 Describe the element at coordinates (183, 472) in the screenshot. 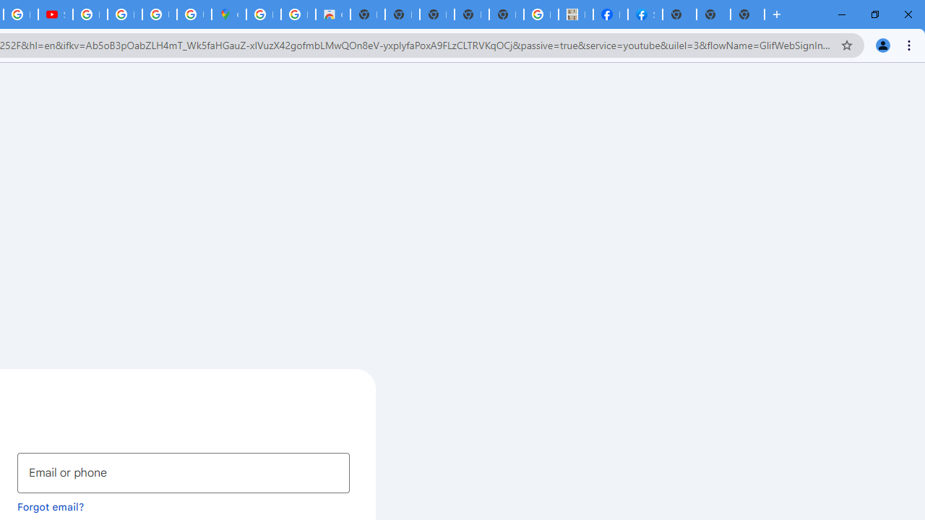

I see `'Email or phone'` at that location.